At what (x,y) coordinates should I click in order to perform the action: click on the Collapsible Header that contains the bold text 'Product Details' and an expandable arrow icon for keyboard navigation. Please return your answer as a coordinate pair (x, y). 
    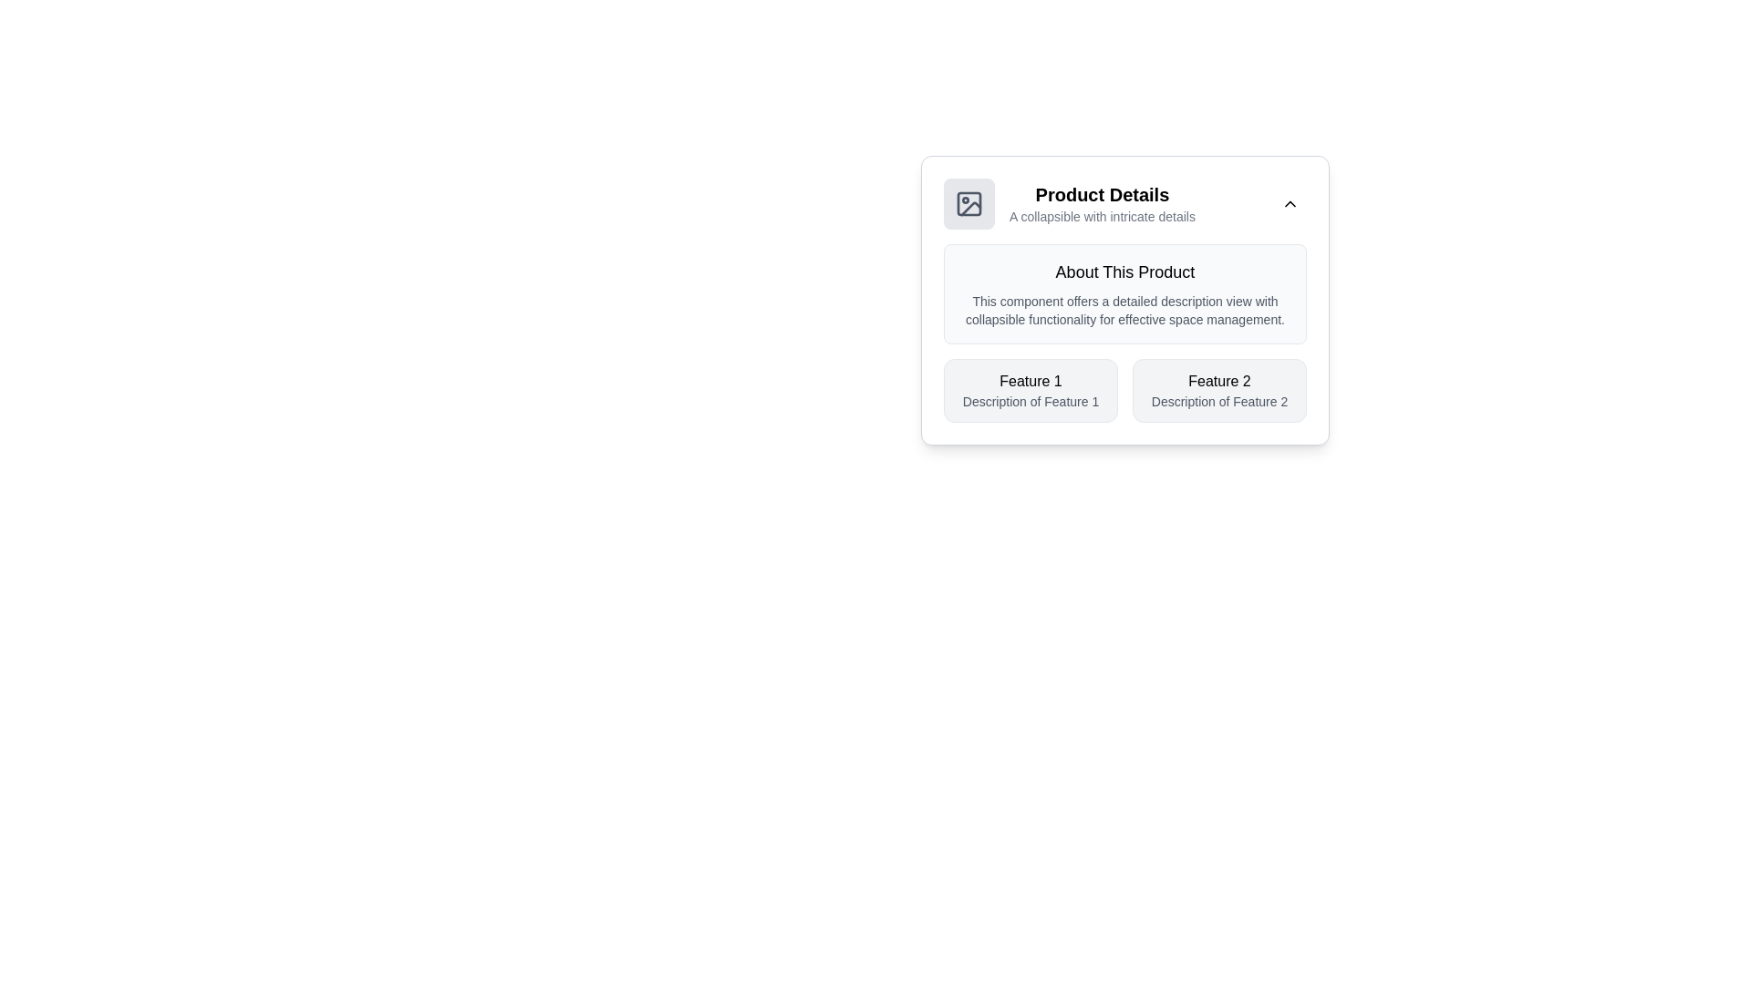
    Looking at the image, I should click on (1124, 203).